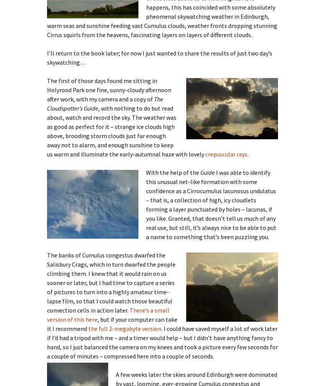  What do you see at coordinates (107, 314) in the screenshot?
I see `'There’s a small version of this here'` at bounding box center [107, 314].